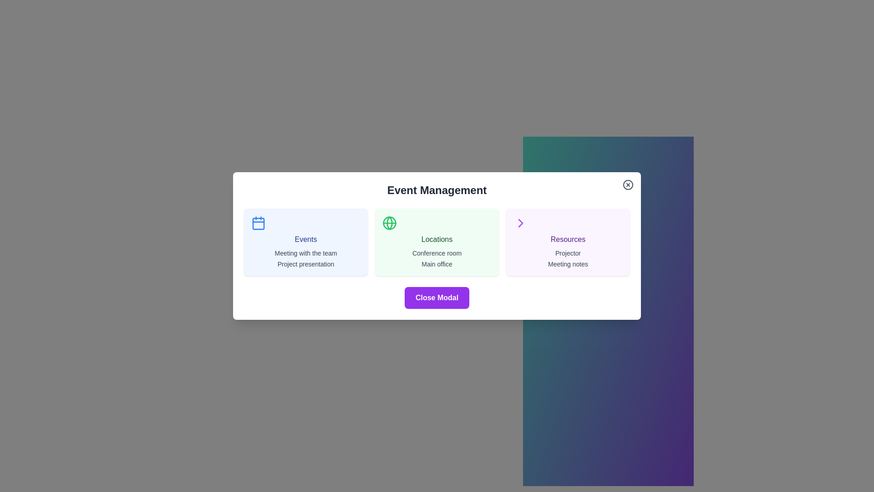  What do you see at coordinates (389, 223) in the screenshot?
I see `the circular centerpiece of the globe icon located in the 'Locations' section of the modal, which is positioned above the text label 'Locations.'` at bounding box center [389, 223].